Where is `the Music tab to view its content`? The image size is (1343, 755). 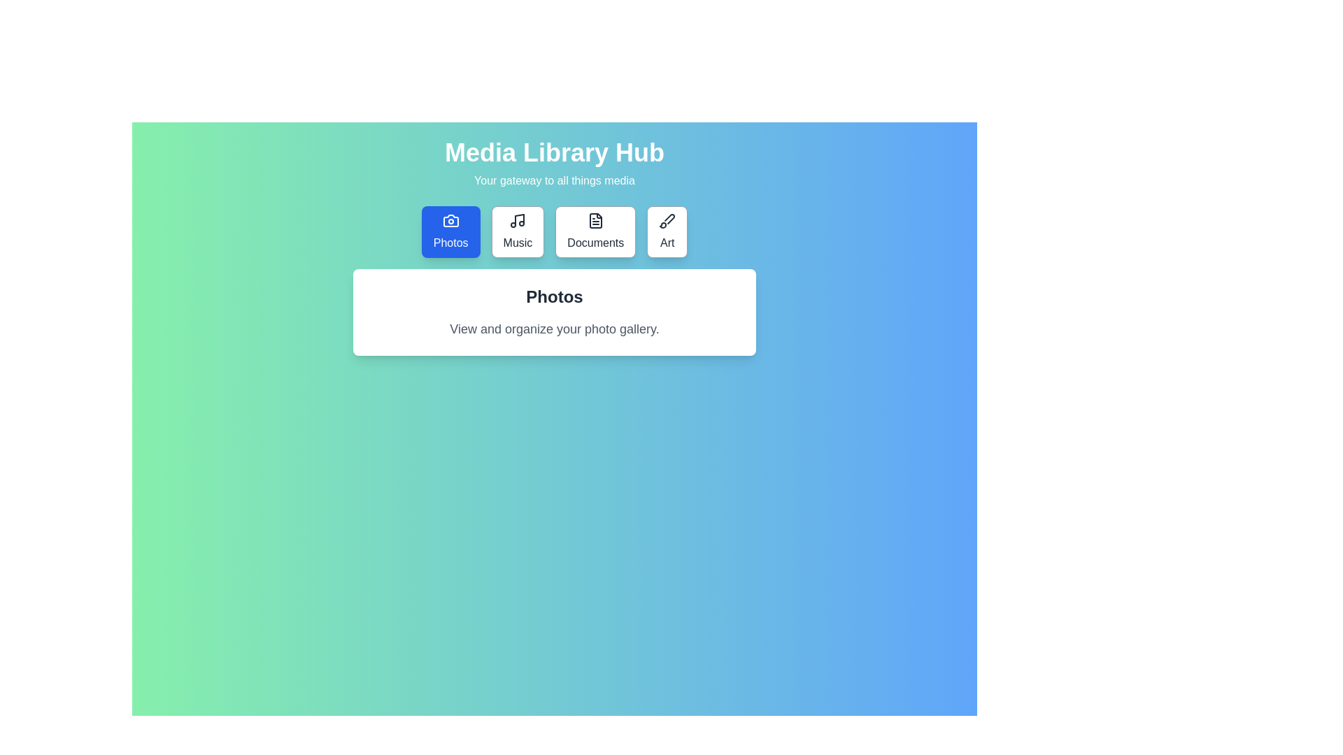
the Music tab to view its content is located at coordinates (517, 231).